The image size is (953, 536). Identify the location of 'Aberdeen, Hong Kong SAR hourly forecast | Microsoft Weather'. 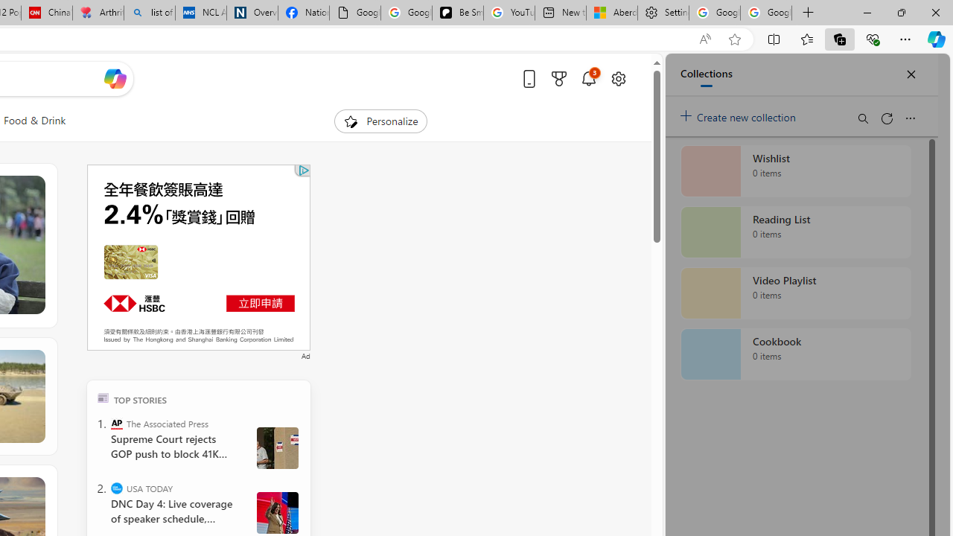
(612, 13).